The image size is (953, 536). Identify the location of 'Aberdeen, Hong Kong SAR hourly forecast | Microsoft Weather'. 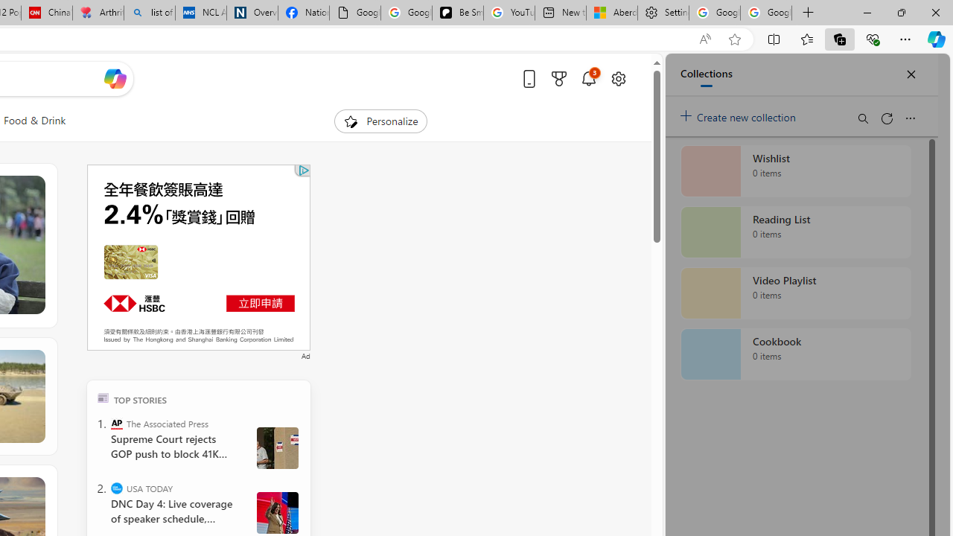
(612, 13).